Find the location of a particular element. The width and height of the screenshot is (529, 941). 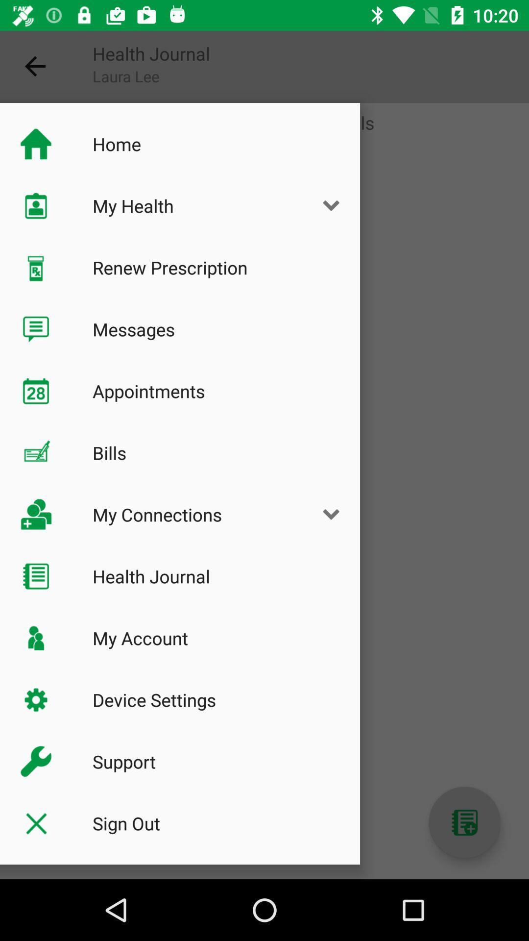

the icon at the bottom right corner is located at coordinates (464, 822).